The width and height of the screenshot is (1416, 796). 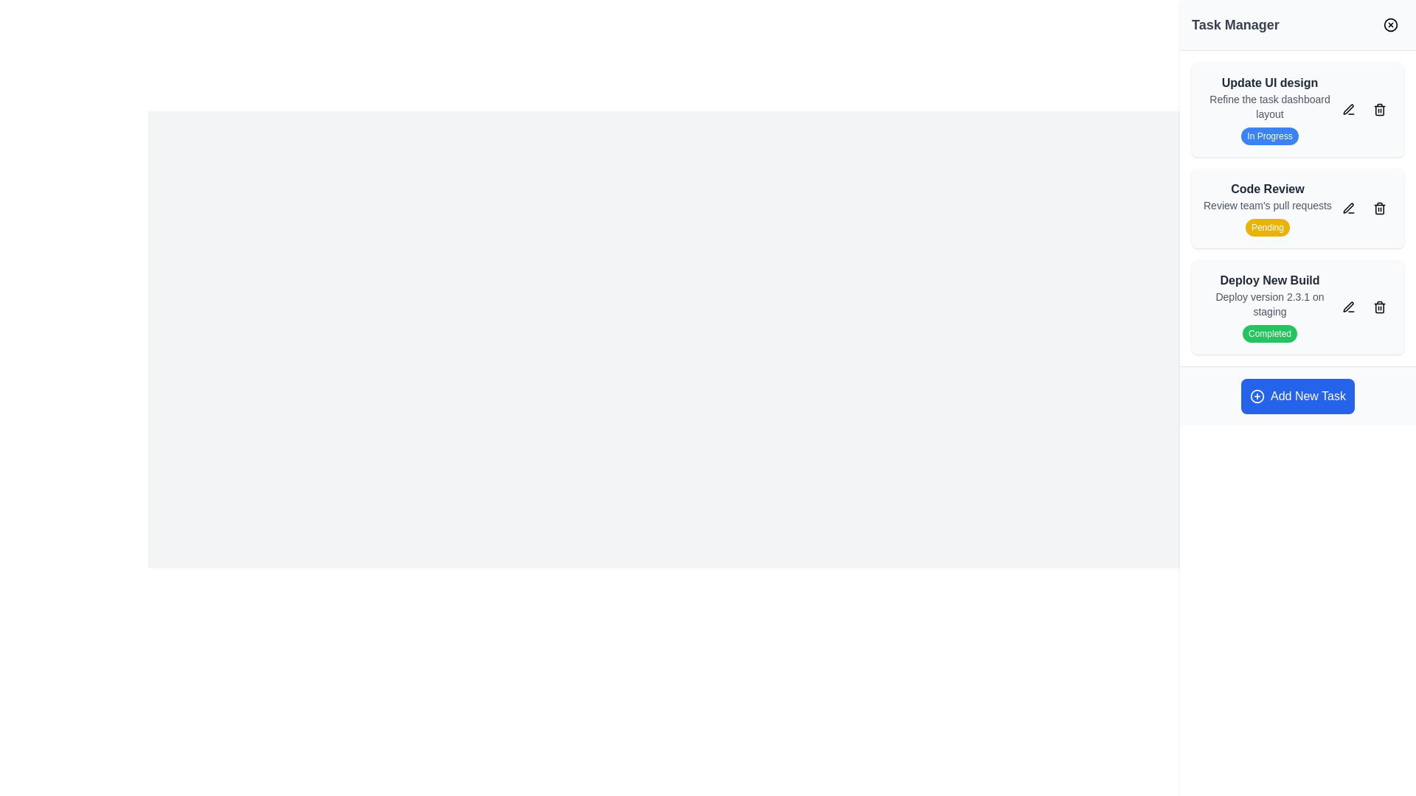 I want to click on the grouped action element containing the edit and delete buttons located at the bottom right corner of the 'Deploy New Build' card, so click(x=1363, y=306).